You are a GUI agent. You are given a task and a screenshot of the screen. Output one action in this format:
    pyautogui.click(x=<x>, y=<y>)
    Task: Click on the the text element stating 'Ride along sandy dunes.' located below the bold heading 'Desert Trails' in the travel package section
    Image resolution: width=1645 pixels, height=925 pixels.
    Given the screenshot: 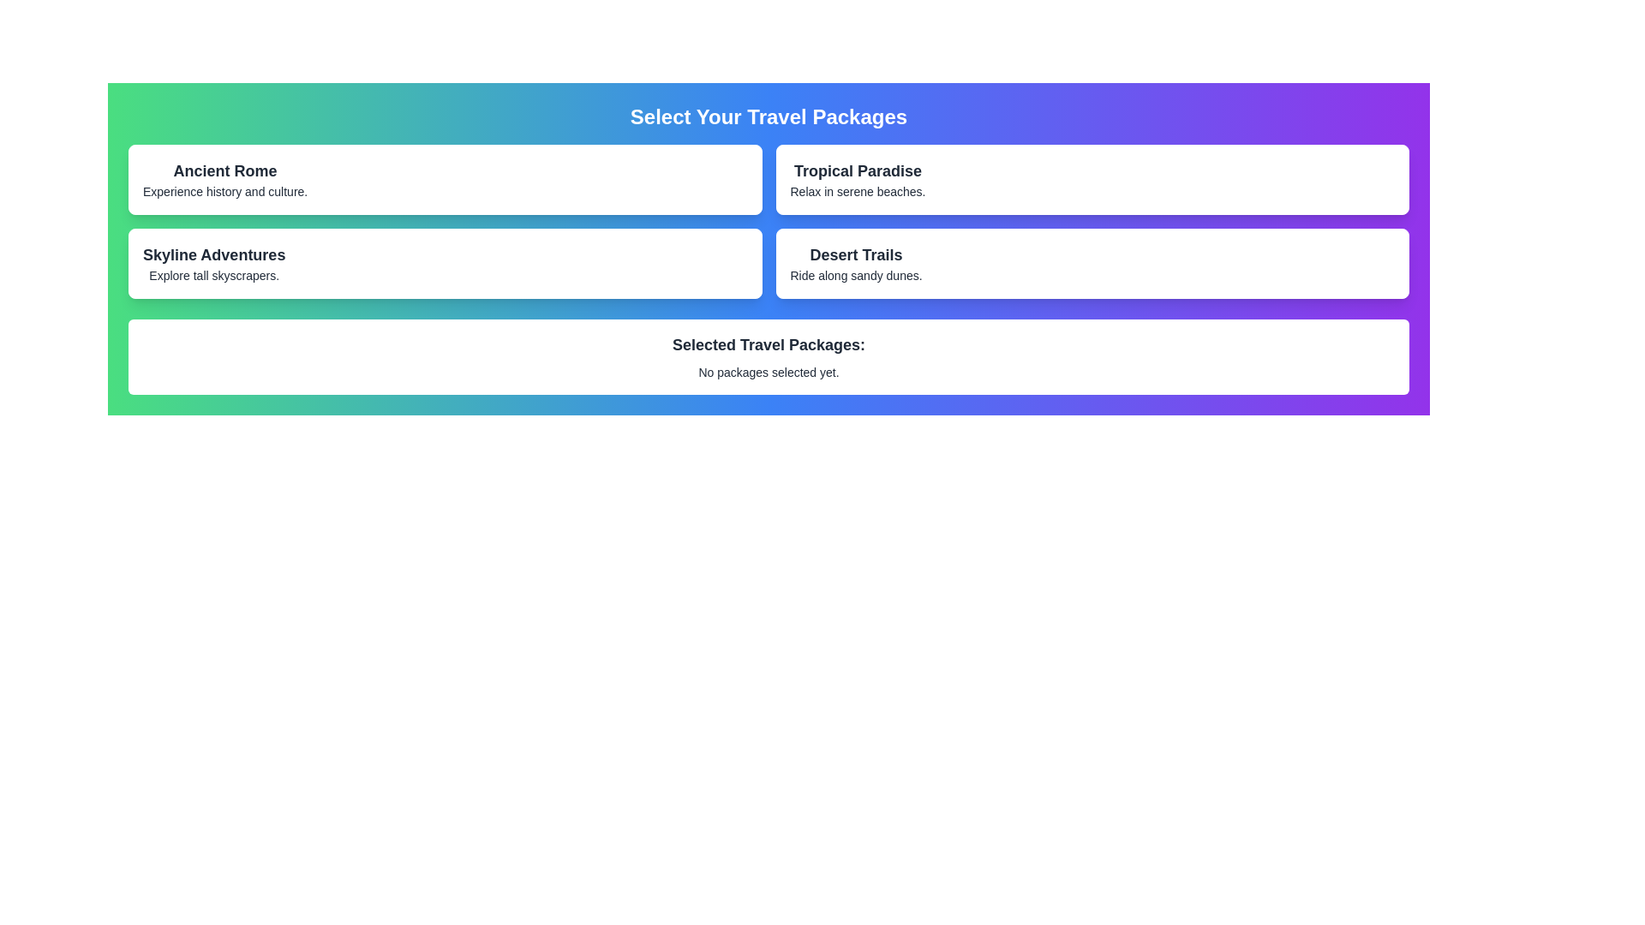 What is the action you would take?
    pyautogui.click(x=856, y=274)
    